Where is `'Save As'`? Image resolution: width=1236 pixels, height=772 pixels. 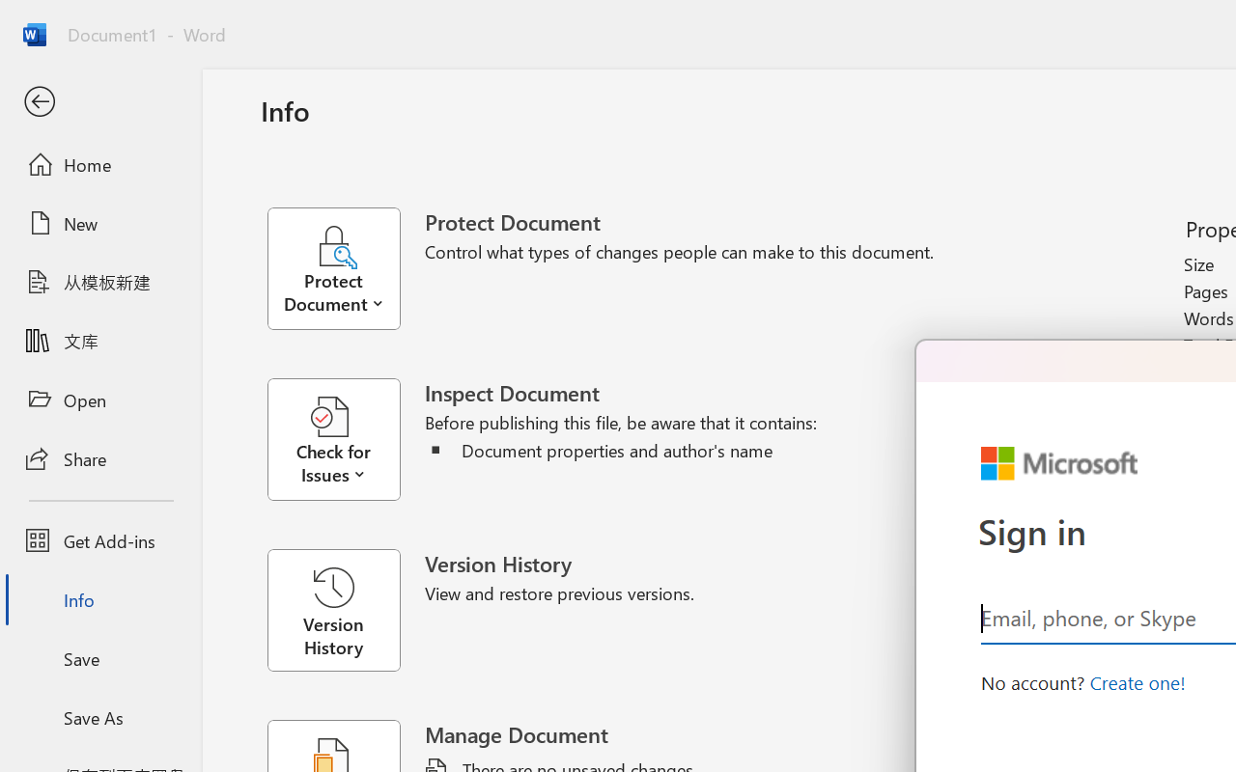
'Save As' is located at coordinates (99, 717).